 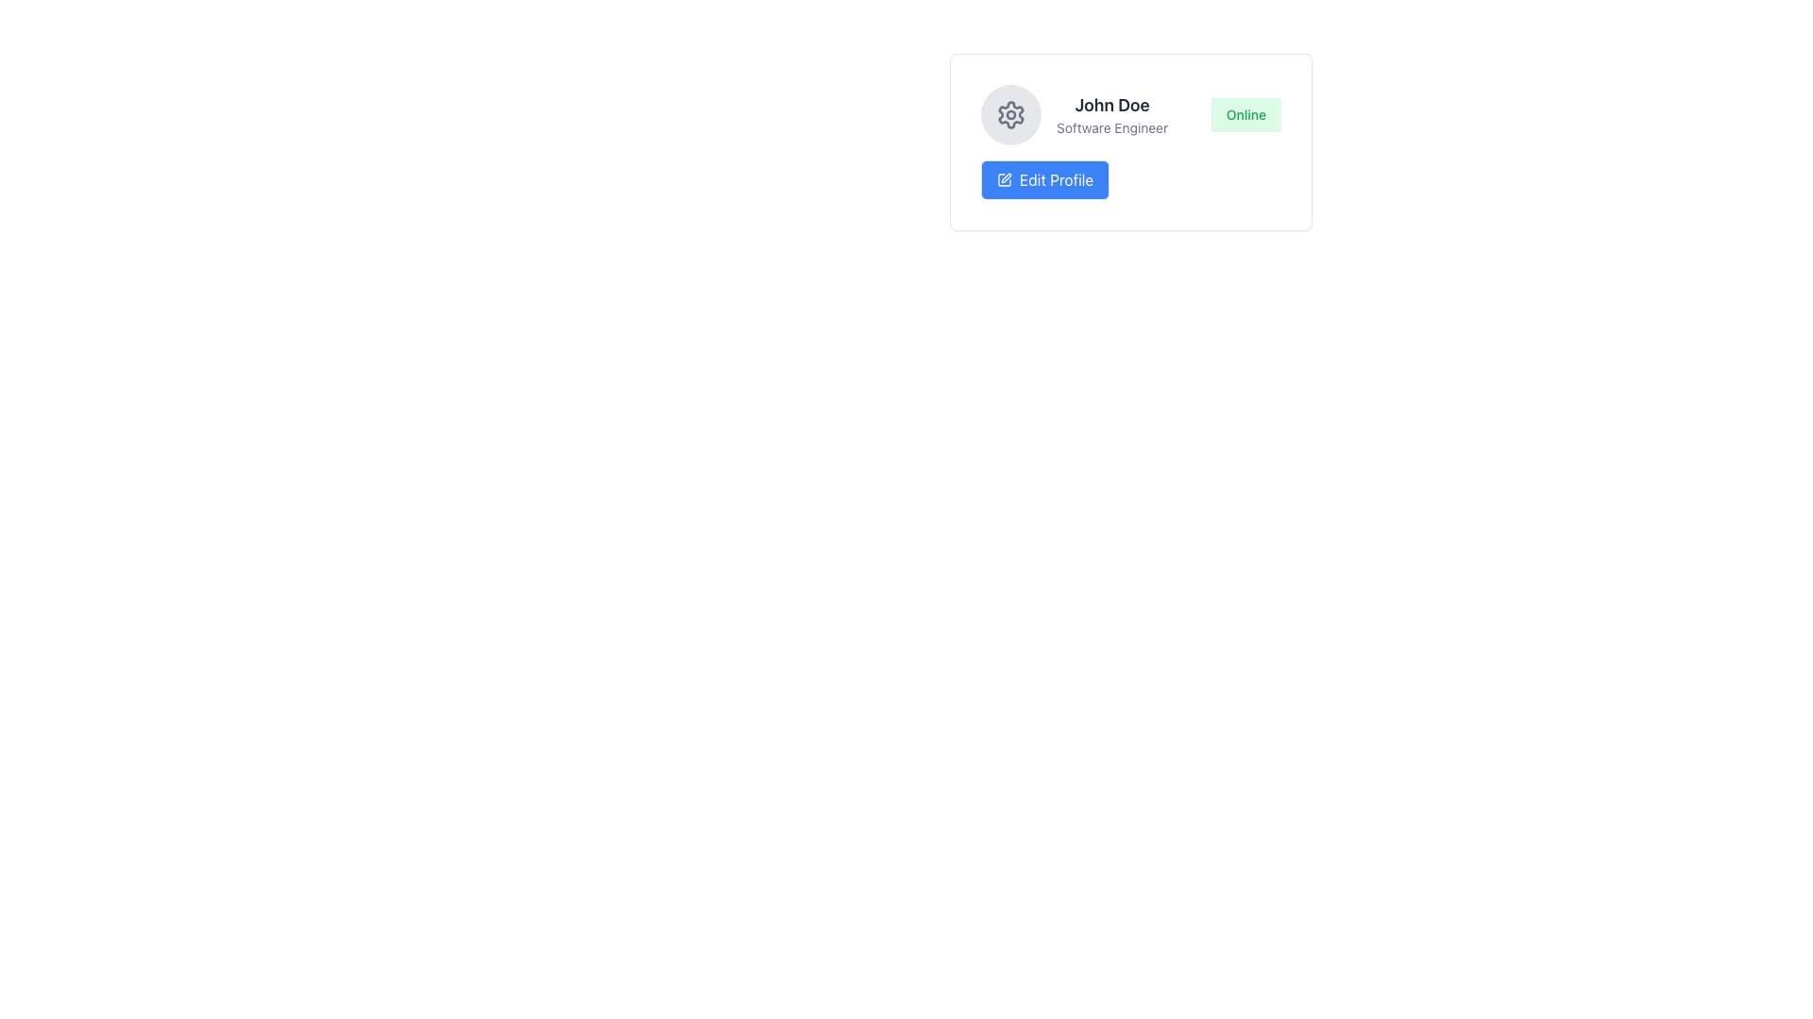 What do you see at coordinates (1004, 180) in the screenshot?
I see `the icon that visually enhances the 'Edit Profile' button, which is located to the left of the button text in the lower-left area of the profile card` at bounding box center [1004, 180].